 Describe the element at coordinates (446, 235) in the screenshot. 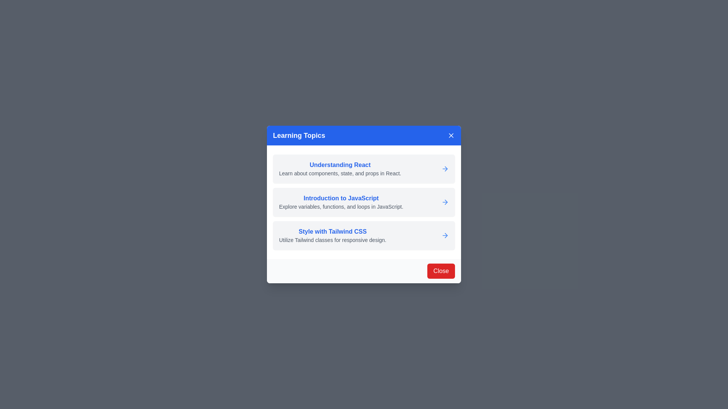

I see `the arrow-shaped icon located in the rightmost part of the third item in the 'Learning Topics' modal` at that location.